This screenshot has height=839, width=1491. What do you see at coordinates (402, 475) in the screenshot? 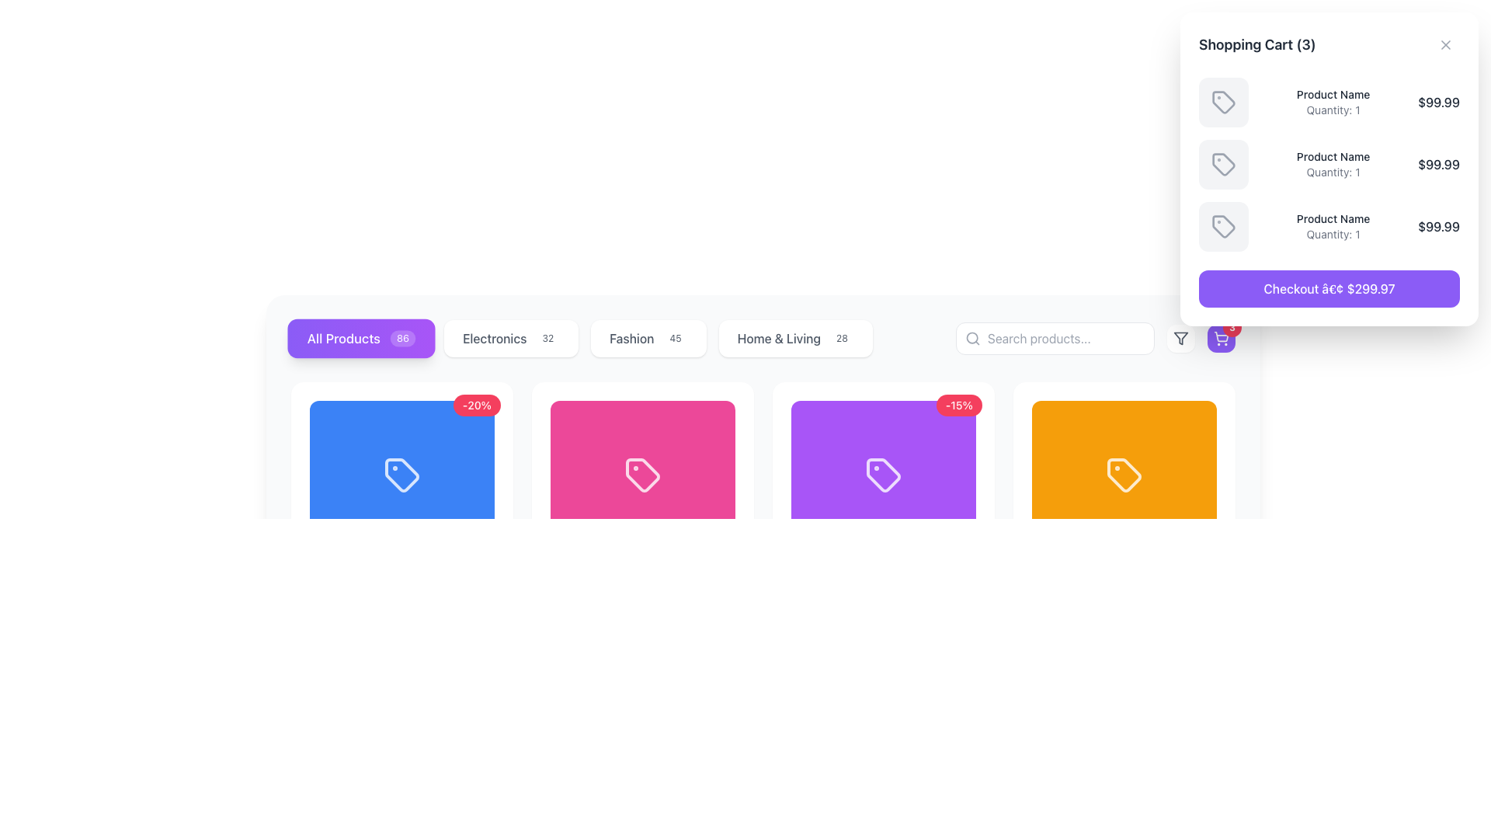
I see `the vector graphic or SVG element that serves as a visual indicator within the leftmost product card on the blue background in the product list grid` at bounding box center [402, 475].